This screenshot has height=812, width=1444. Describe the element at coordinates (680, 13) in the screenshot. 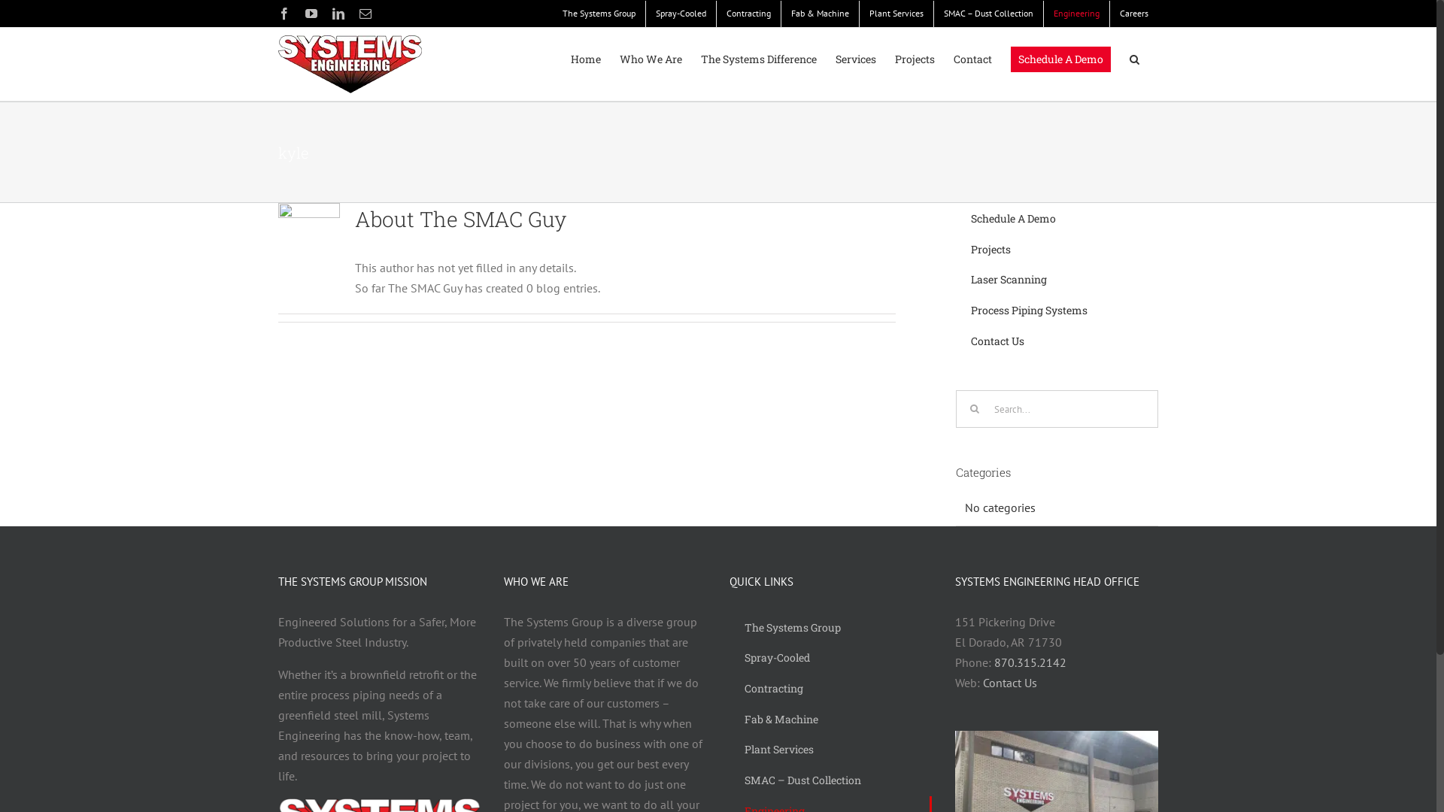

I see `'Spray-Cooled'` at that location.